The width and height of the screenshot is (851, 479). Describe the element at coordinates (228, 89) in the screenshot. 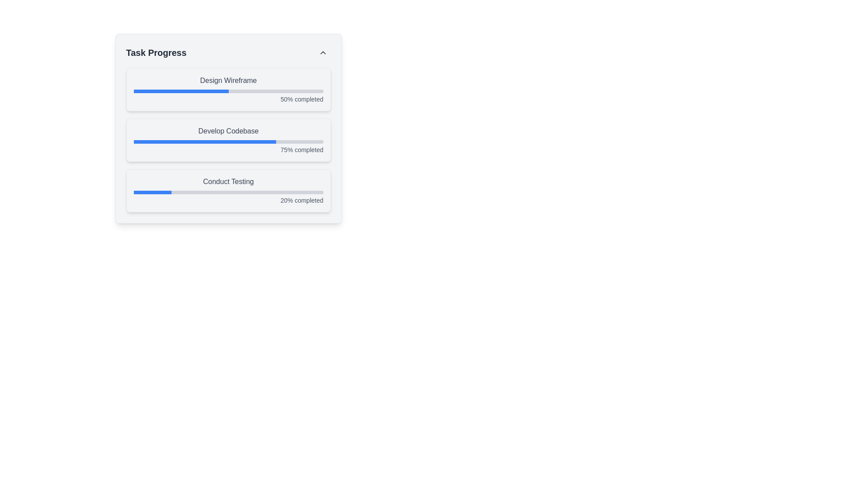

I see `associated text indicating the status of the progress bar labeled 'Design Wireframe', which shows '50% completed' to its right` at that location.